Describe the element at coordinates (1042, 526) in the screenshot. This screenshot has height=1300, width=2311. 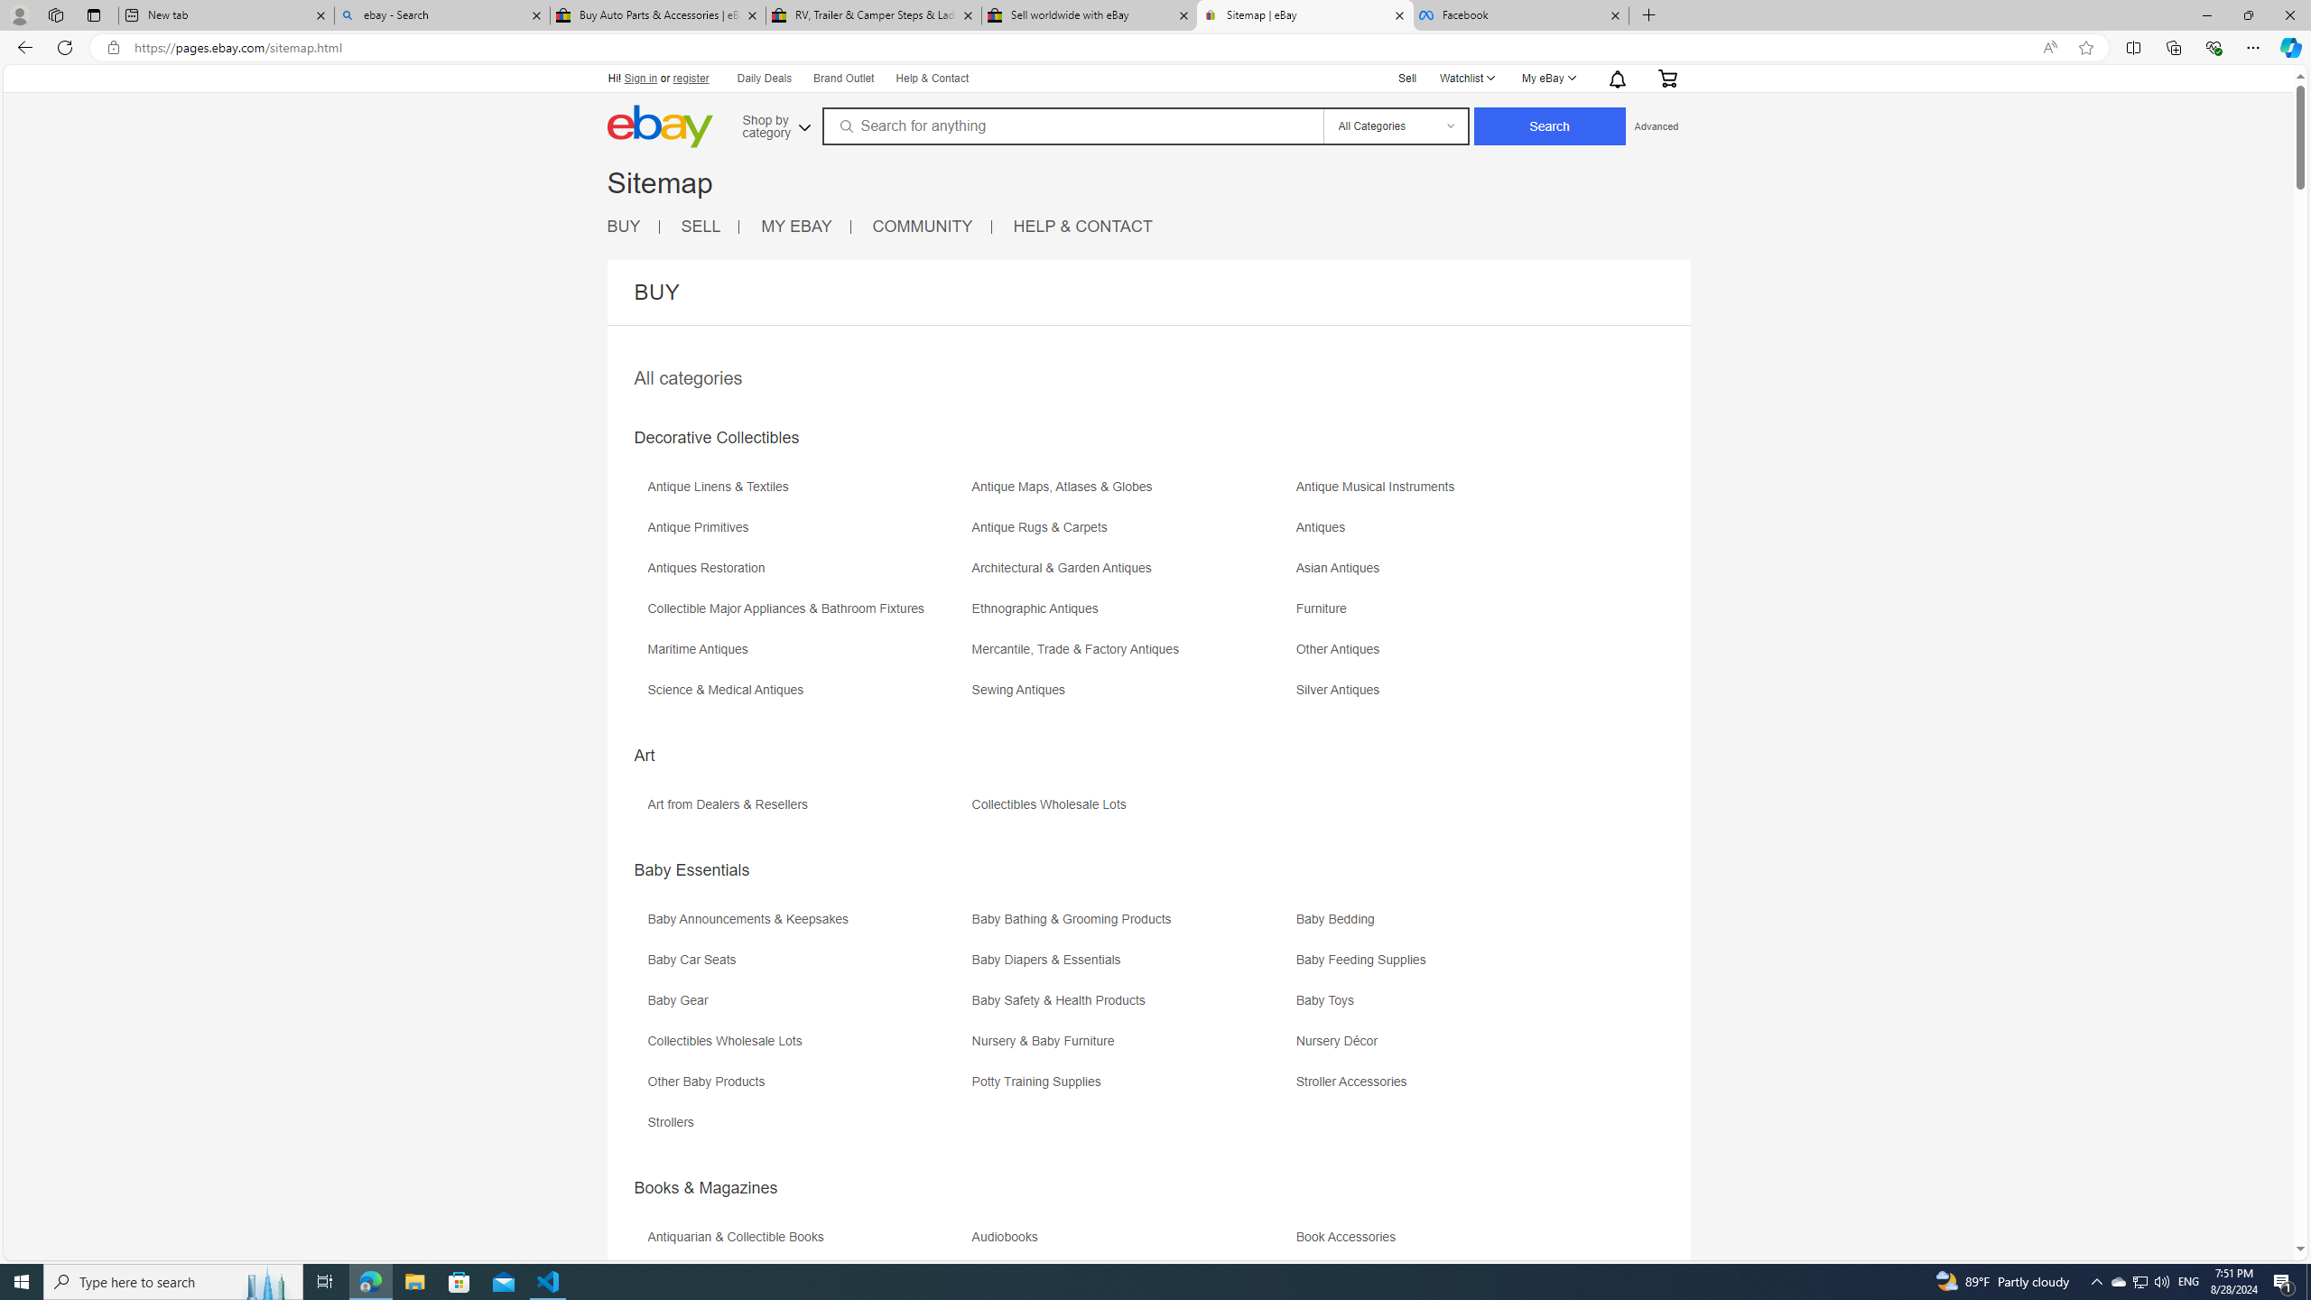
I see `'Antique Rugs & Carpets'` at that location.